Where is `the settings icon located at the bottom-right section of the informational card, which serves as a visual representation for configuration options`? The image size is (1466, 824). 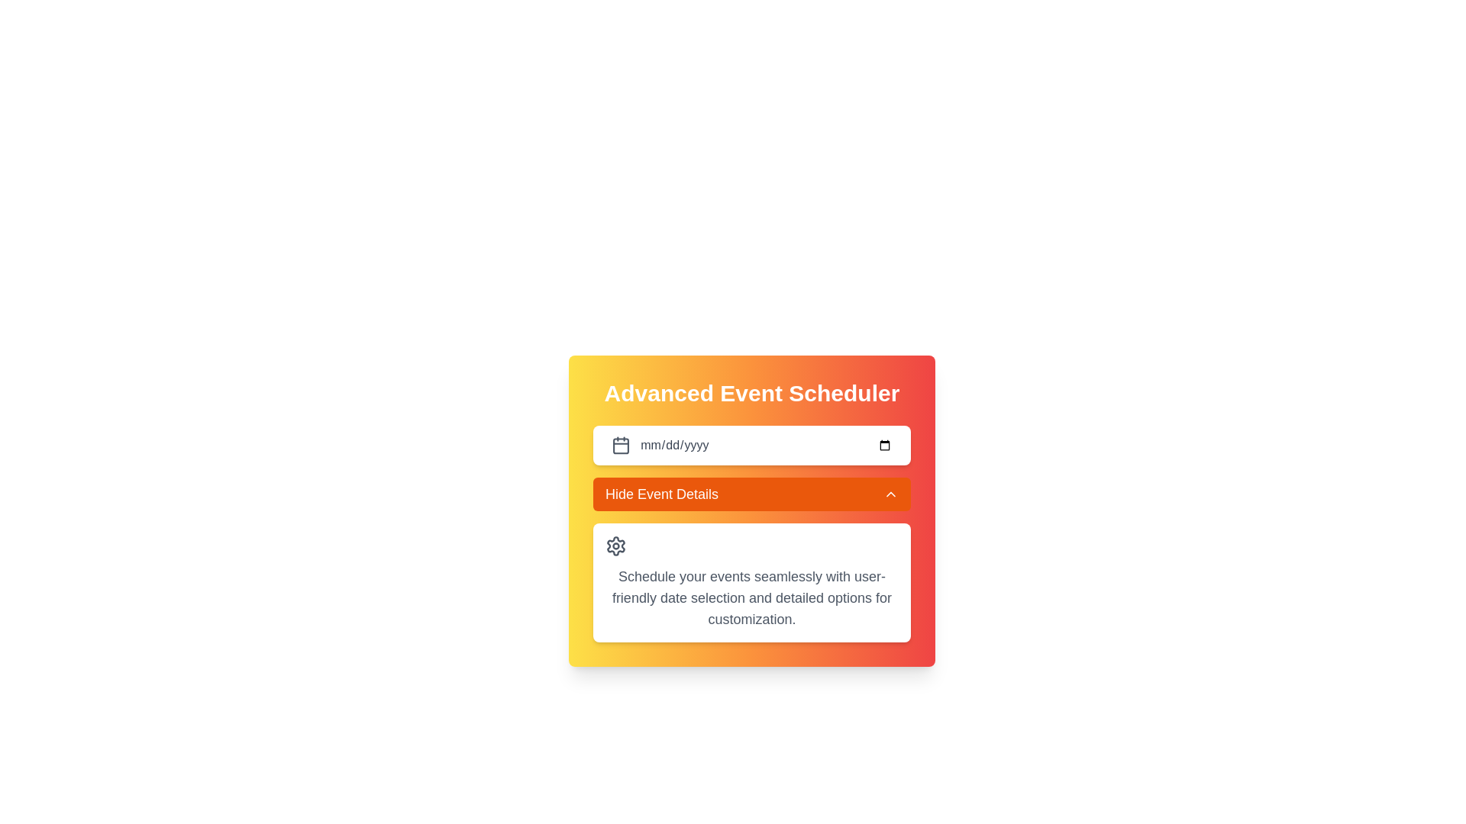
the settings icon located at the bottom-right section of the informational card, which serves as a visual representation for configuration options is located at coordinates (615, 546).